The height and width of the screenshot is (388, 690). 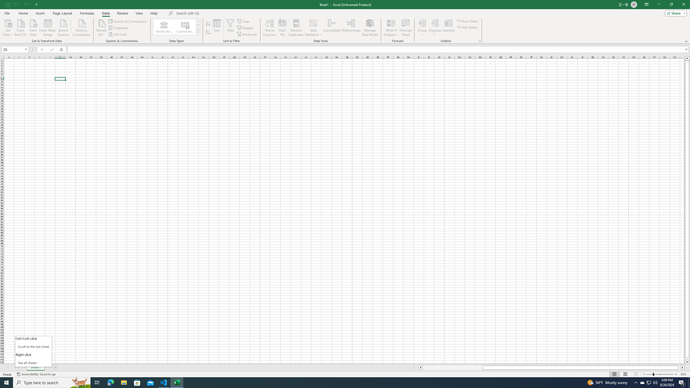 What do you see at coordinates (269, 28) in the screenshot?
I see `'Text to Columns...'` at bounding box center [269, 28].